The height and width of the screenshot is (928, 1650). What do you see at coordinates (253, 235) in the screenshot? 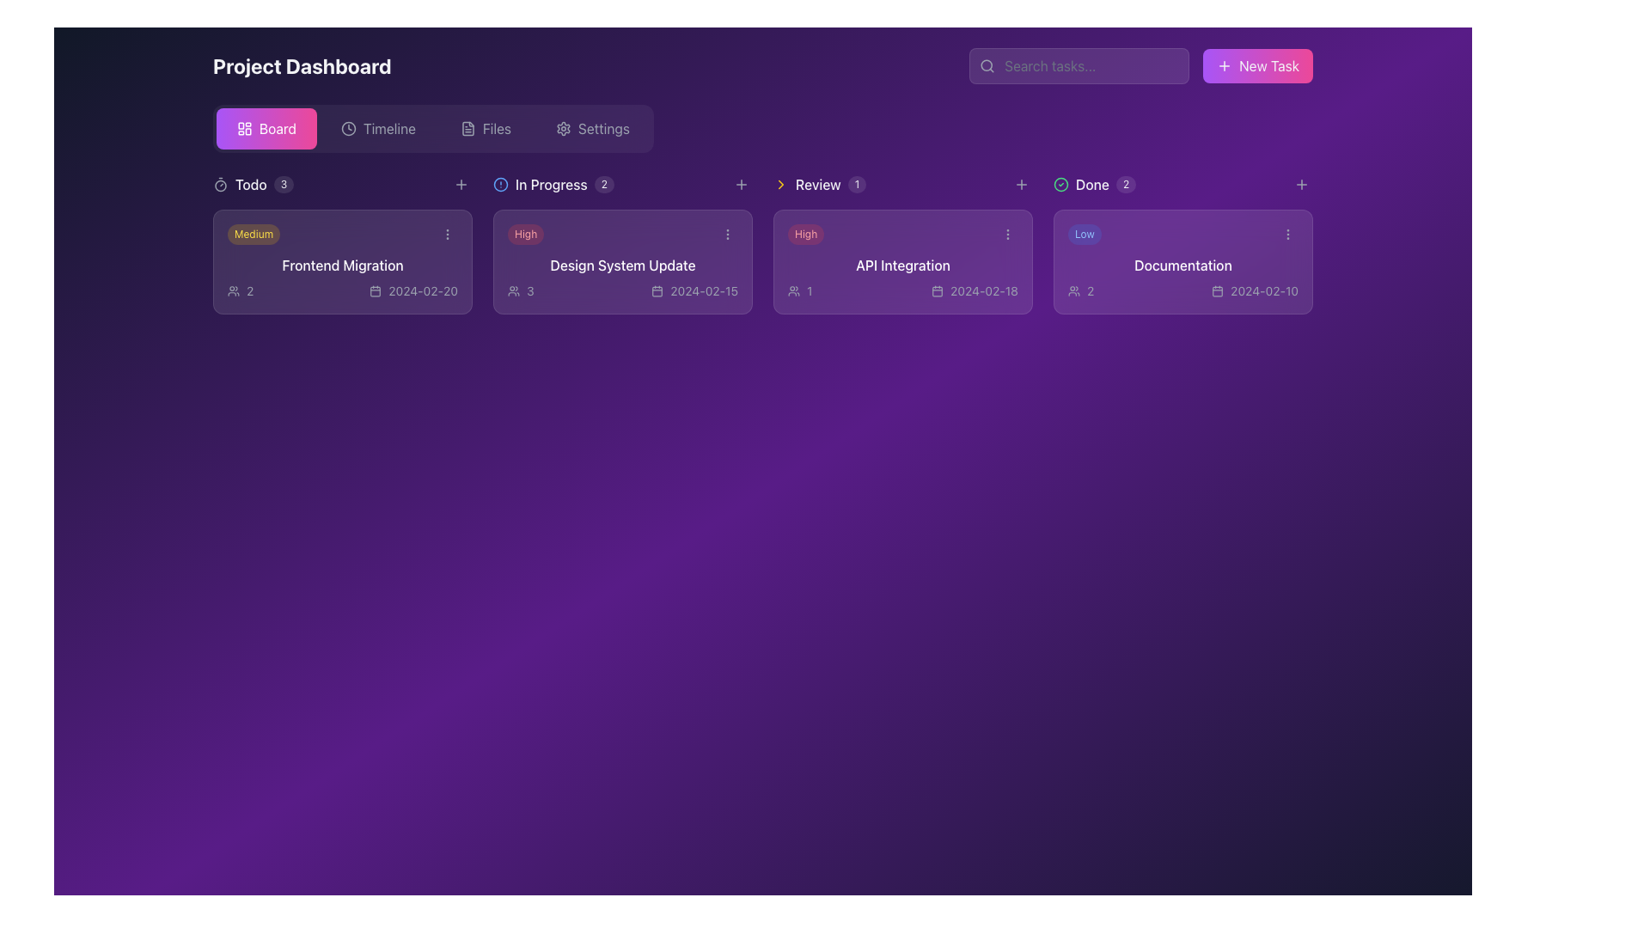
I see `the displayed text of the priority level tag located in the 'Frontend Migration' card within the 'Todo' column of the dashboard` at bounding box center [253, 235].